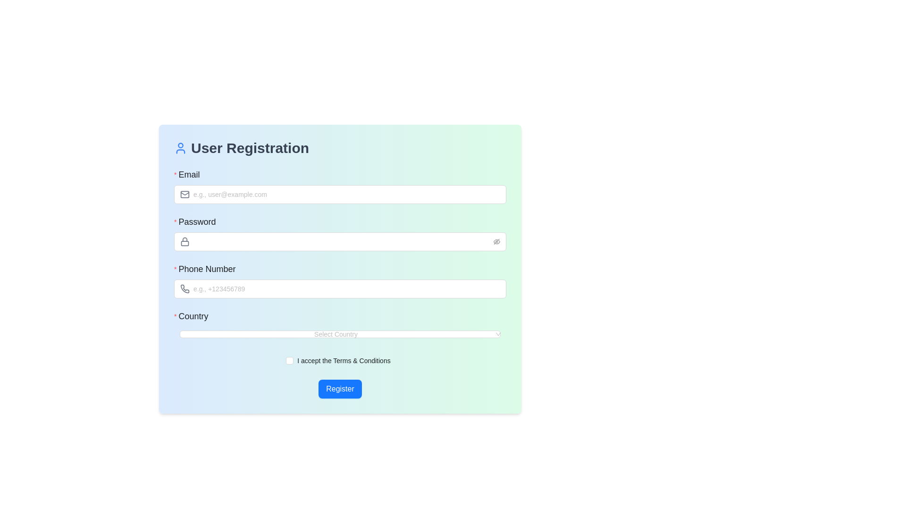 The image size is (906, 510). Describe the element at coordinates (194, 316) in the screenshot. I see `the input field related to the 'Country' label` at that location.